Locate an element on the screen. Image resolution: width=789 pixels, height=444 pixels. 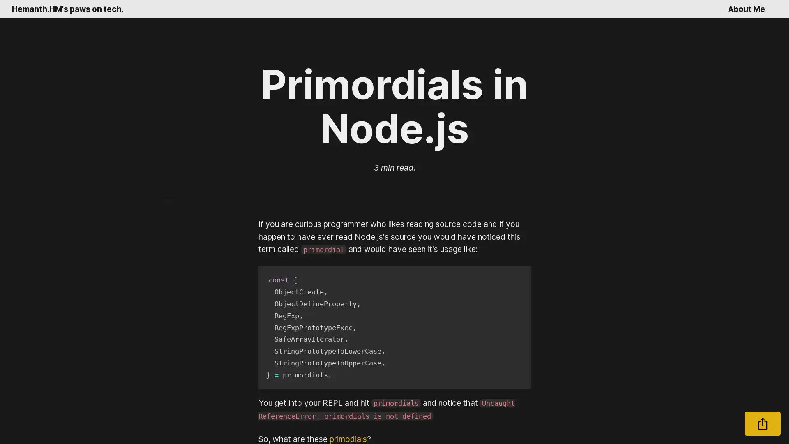
Share is located at coordinates (762, 423).